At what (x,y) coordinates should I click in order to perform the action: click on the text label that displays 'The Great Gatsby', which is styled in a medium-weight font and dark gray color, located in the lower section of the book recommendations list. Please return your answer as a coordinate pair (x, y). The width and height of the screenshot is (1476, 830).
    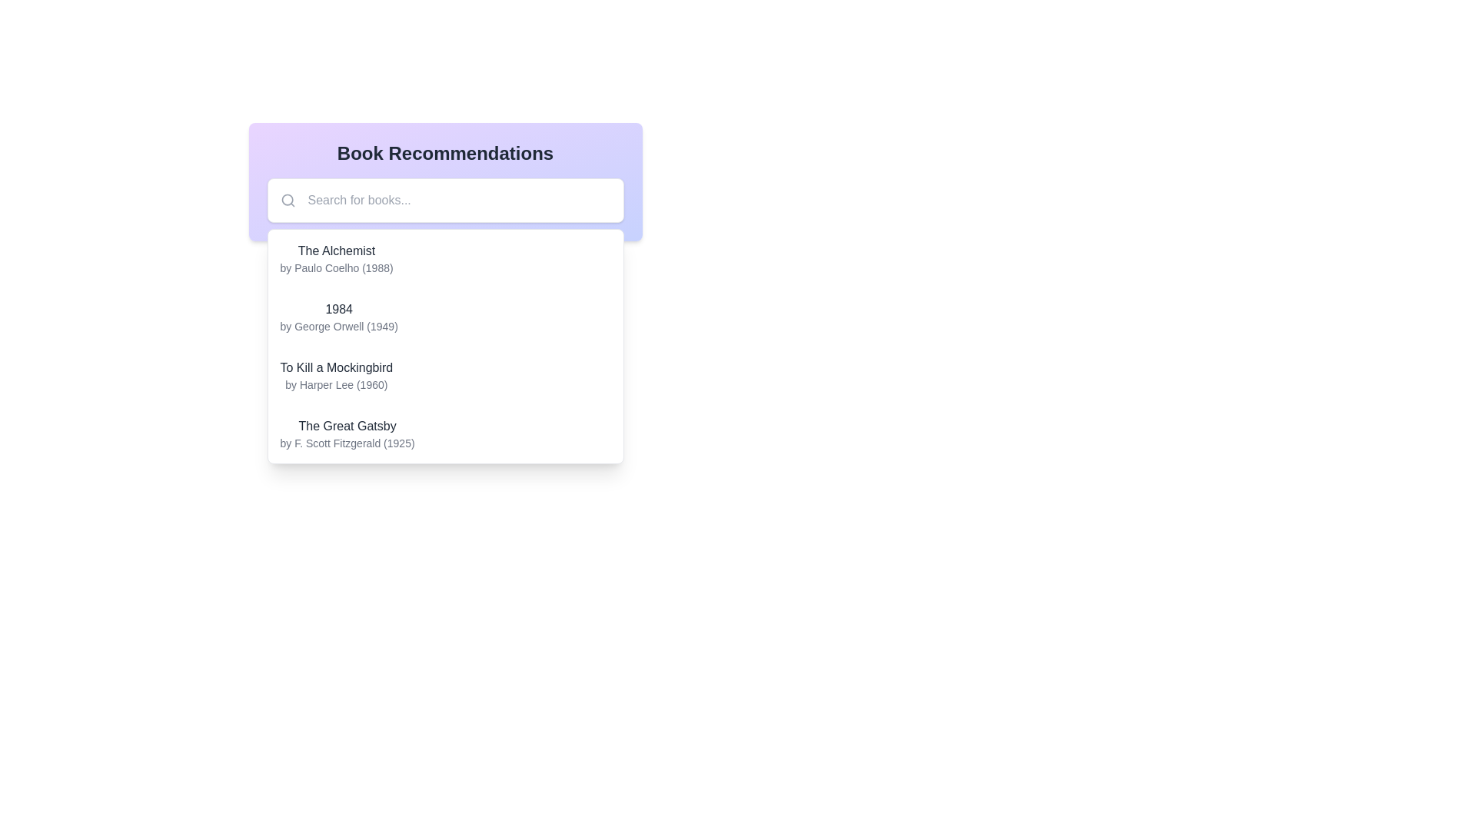
    Looking at the image, I should click on (346, 426).